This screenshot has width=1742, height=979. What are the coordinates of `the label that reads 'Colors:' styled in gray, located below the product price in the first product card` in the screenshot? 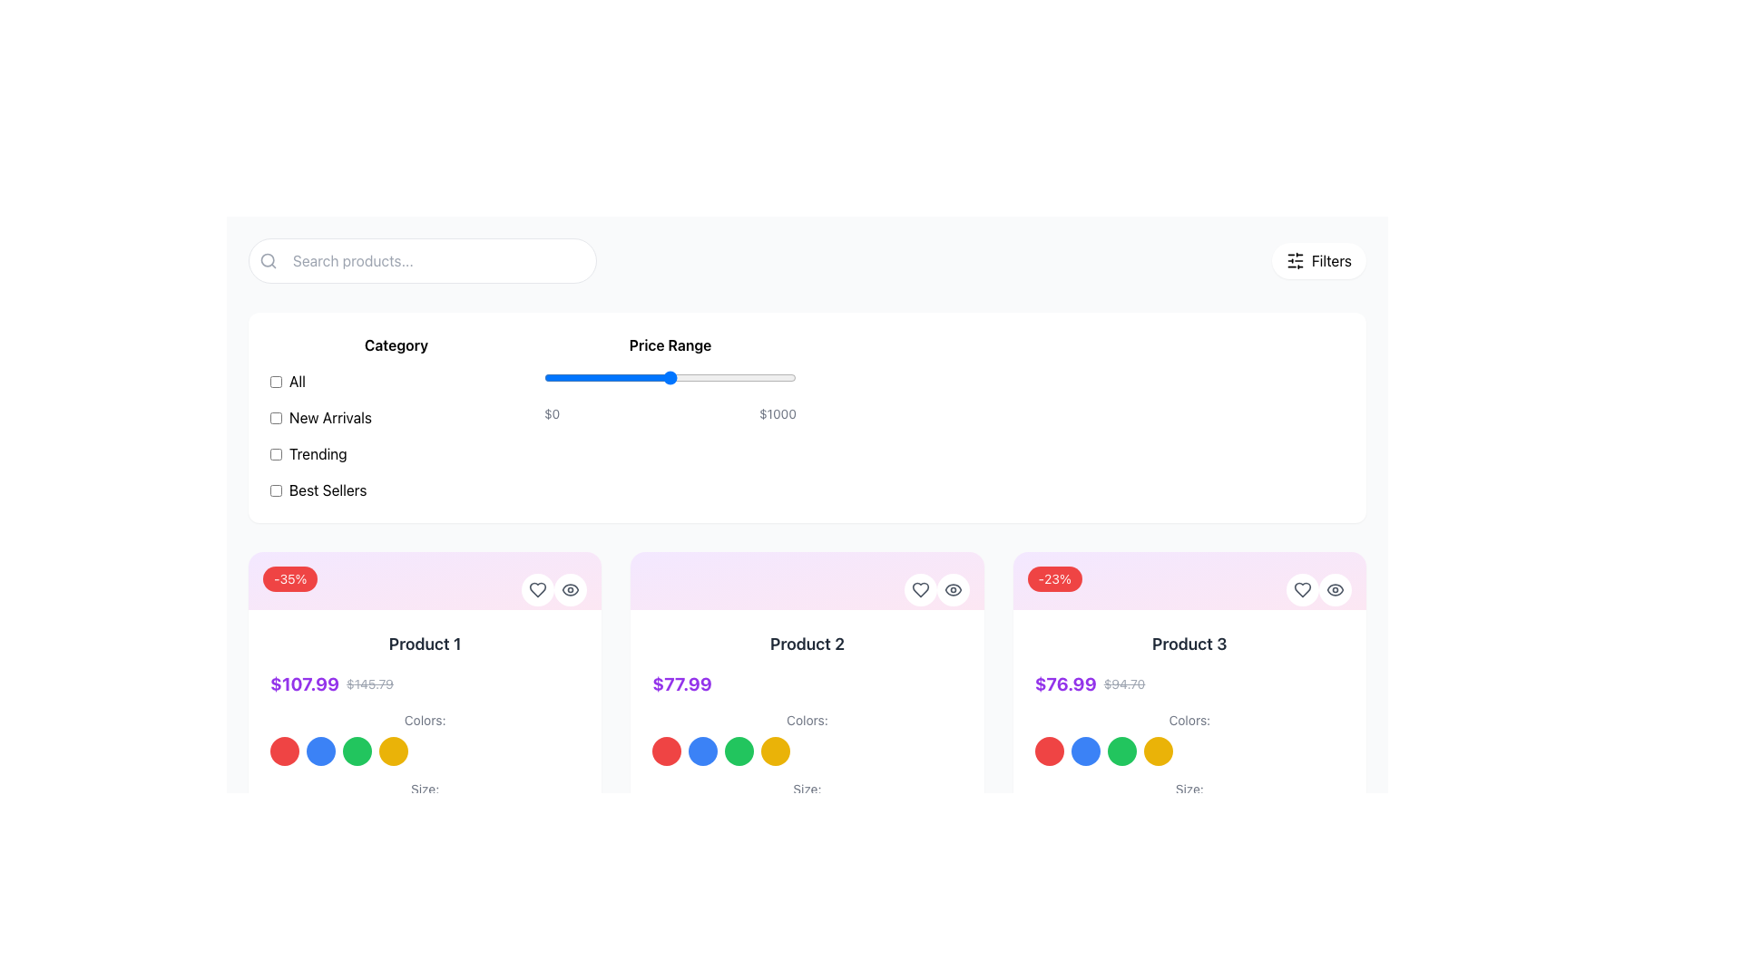 It's located at (424, 719).